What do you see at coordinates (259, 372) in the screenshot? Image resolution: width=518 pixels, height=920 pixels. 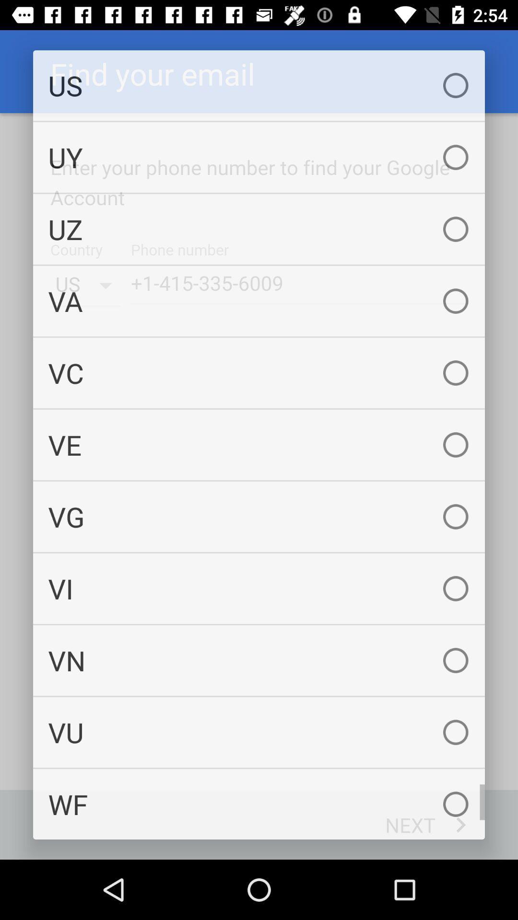 I see `icon above the ve` at bounding box center [259, 372].